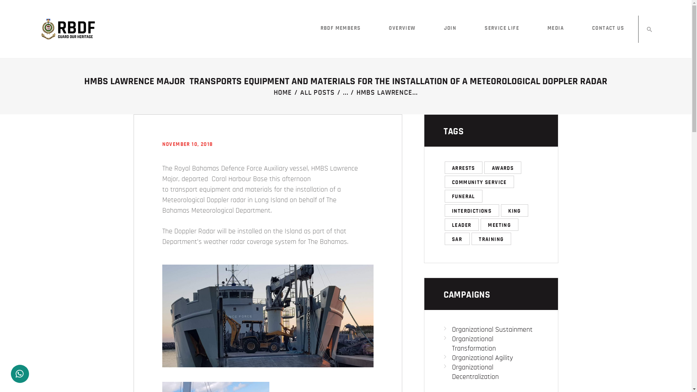 The width and height of the screenshot is (697, 392). Describe the element at coordinates (340, 28) in the screenshot. I see `'RBDF MEMBERS'` at that location.